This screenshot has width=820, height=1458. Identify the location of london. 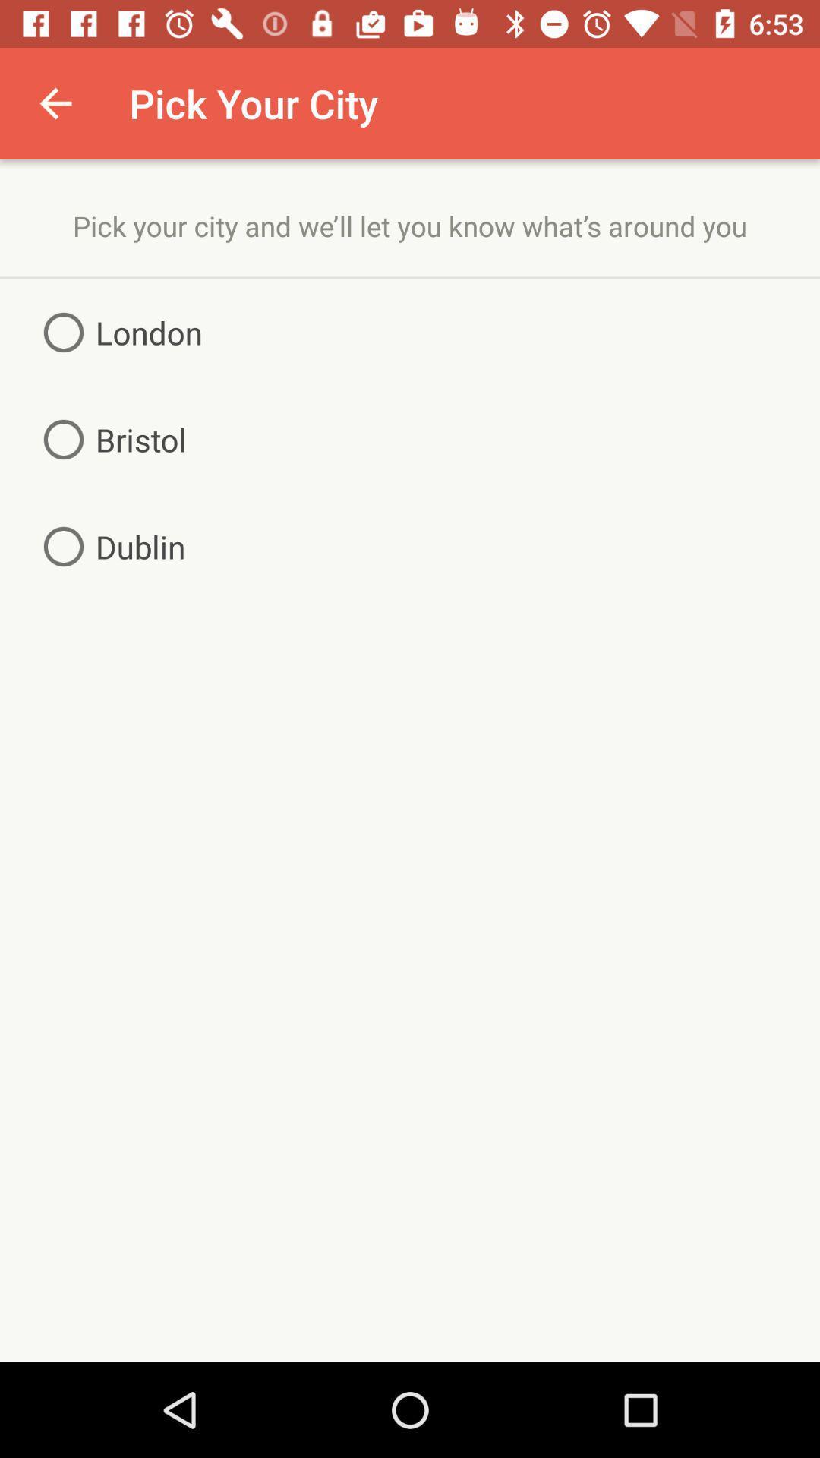
(116, 331).